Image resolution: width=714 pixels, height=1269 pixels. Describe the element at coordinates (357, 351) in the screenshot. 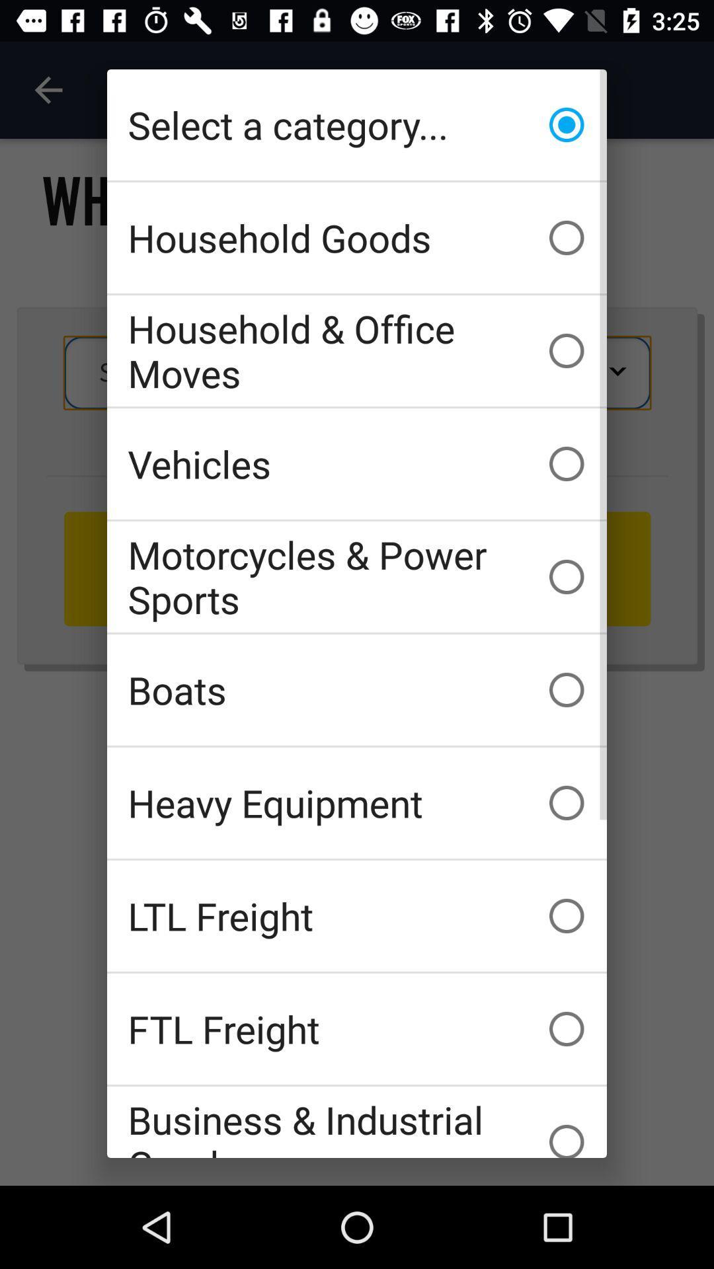

I see `household & office moves` at that location.